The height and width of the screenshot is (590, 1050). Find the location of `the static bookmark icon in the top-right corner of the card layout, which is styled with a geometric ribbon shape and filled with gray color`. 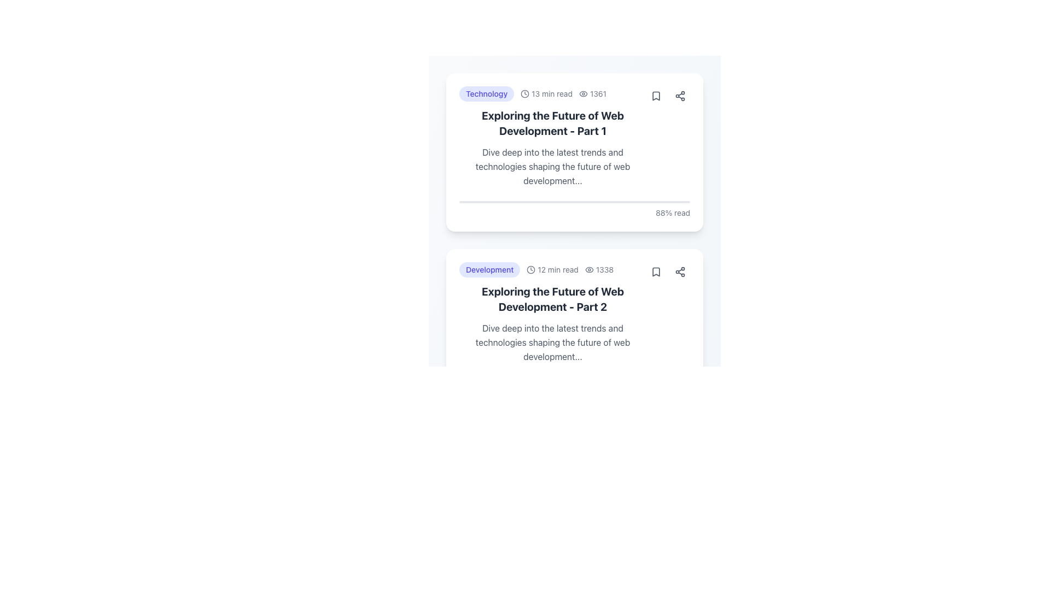

the static bookmark icon in the top-right corner of the card layout, which is styled with a geometric ribbon shape and filled with gray color is located at coordinates (656, 96).